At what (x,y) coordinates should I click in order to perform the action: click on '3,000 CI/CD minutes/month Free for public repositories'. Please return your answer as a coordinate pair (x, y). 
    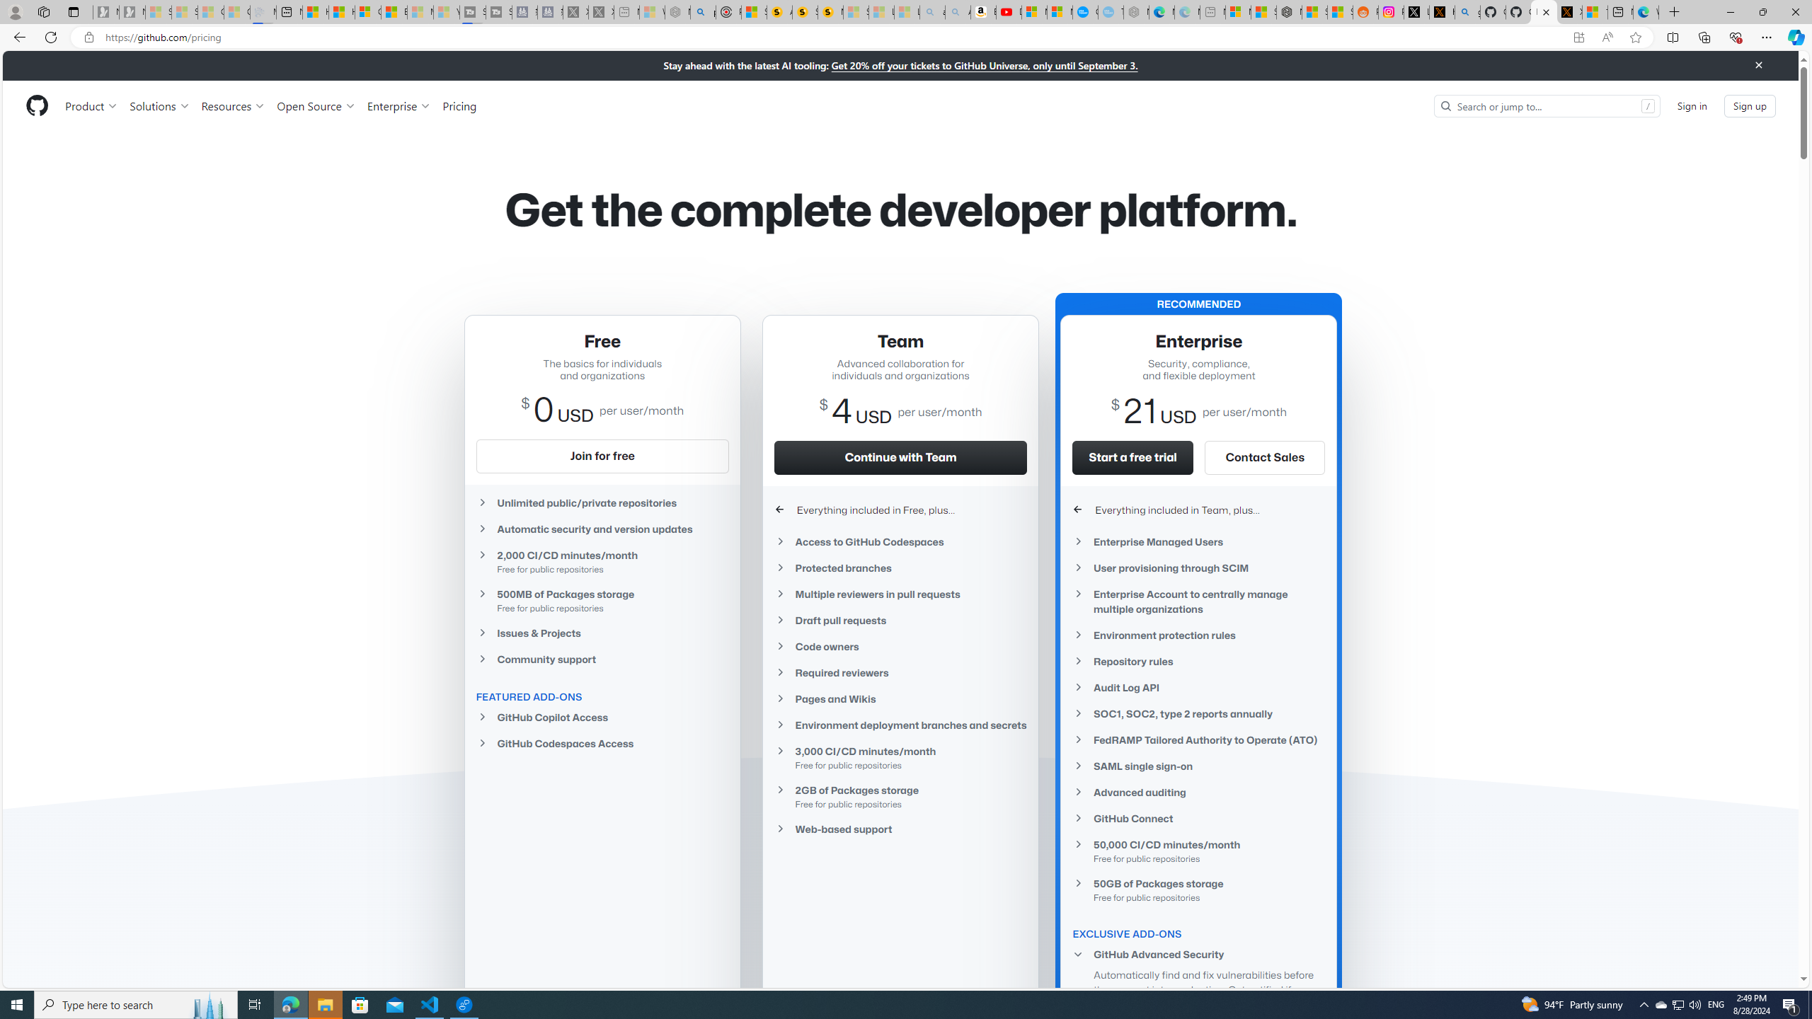
    Looking at the image, I should click on (900, 756).